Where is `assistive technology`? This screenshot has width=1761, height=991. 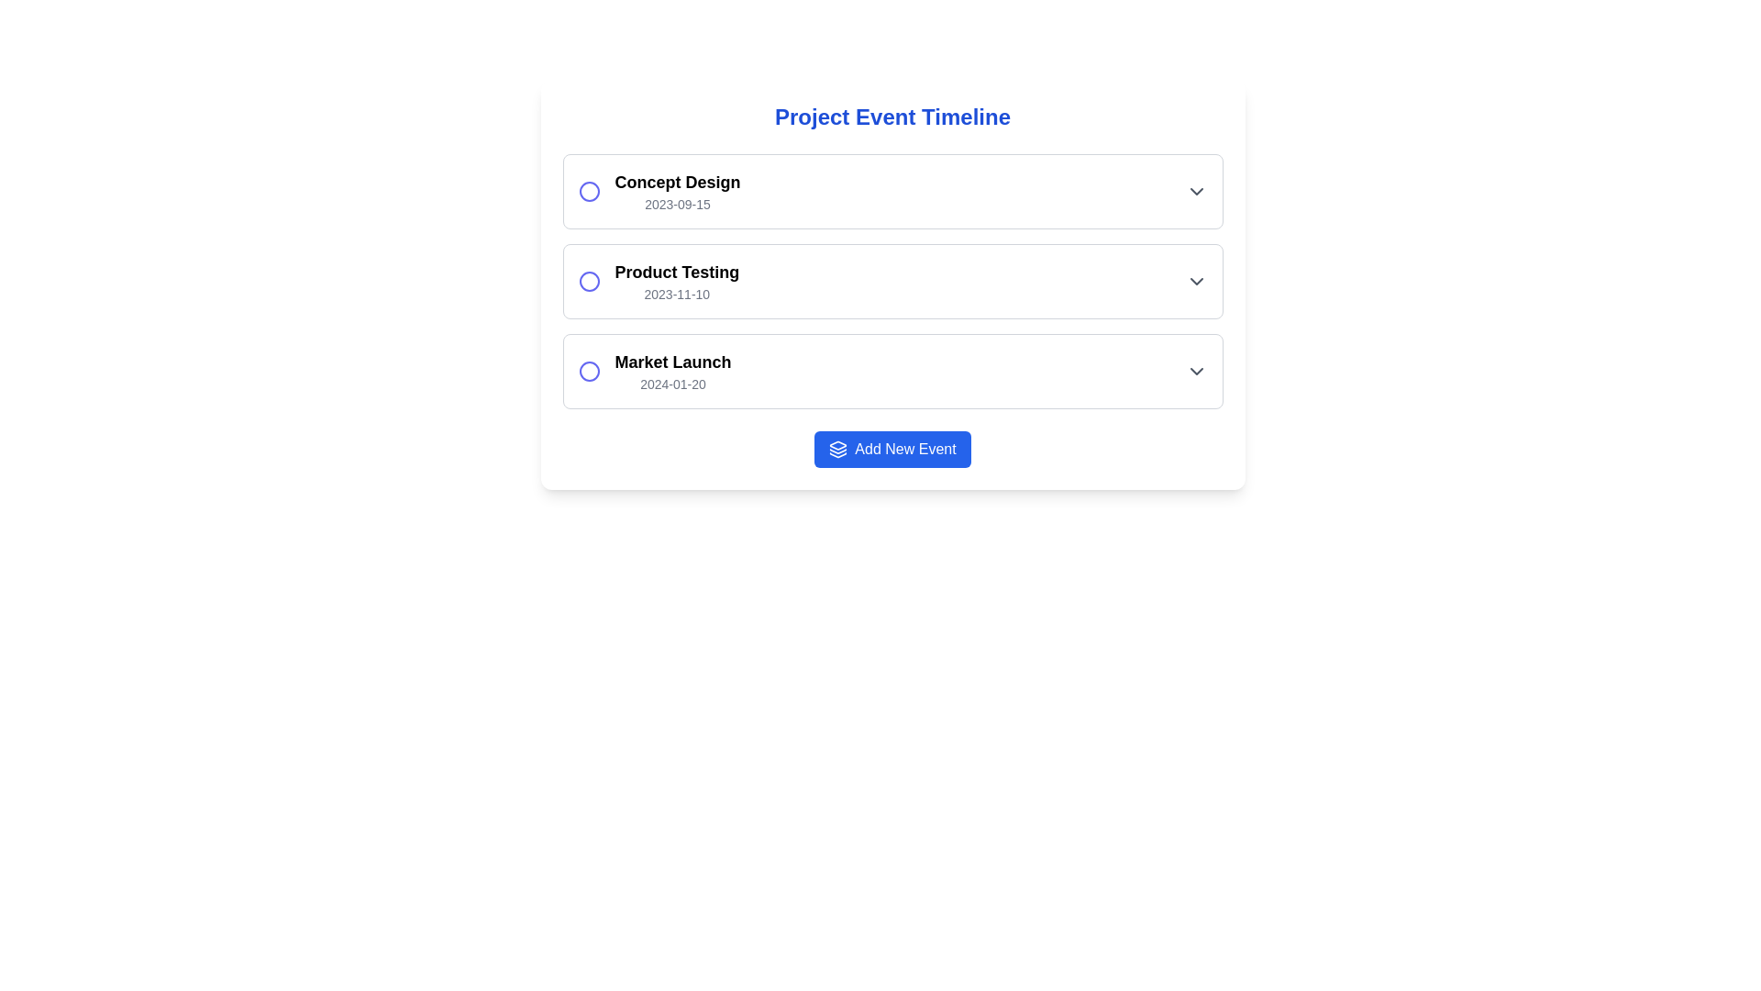 assistive technology is located at coordinates (672, 362).